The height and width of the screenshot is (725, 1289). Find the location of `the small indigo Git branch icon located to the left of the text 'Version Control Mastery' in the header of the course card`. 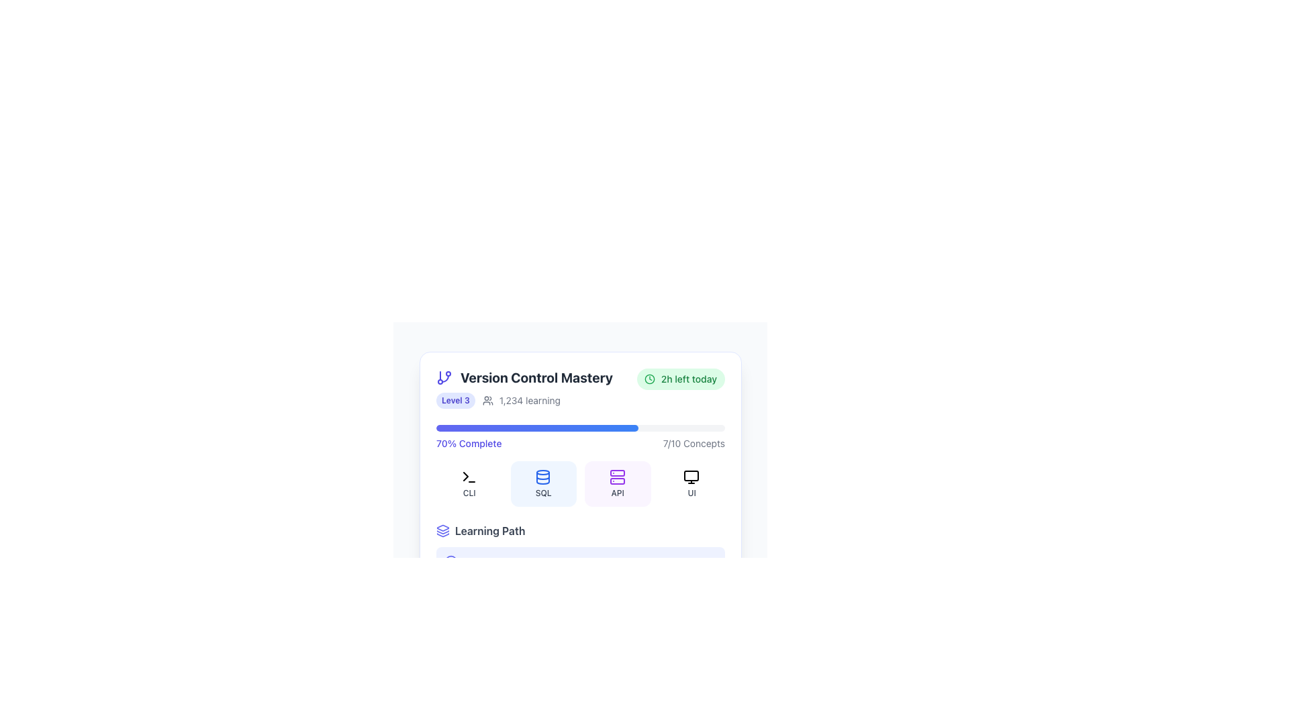

the small indigo Git branch icon located to the left of the text 'Version Control Mastery' in the header of the course card is located at coordinates (444, 378).